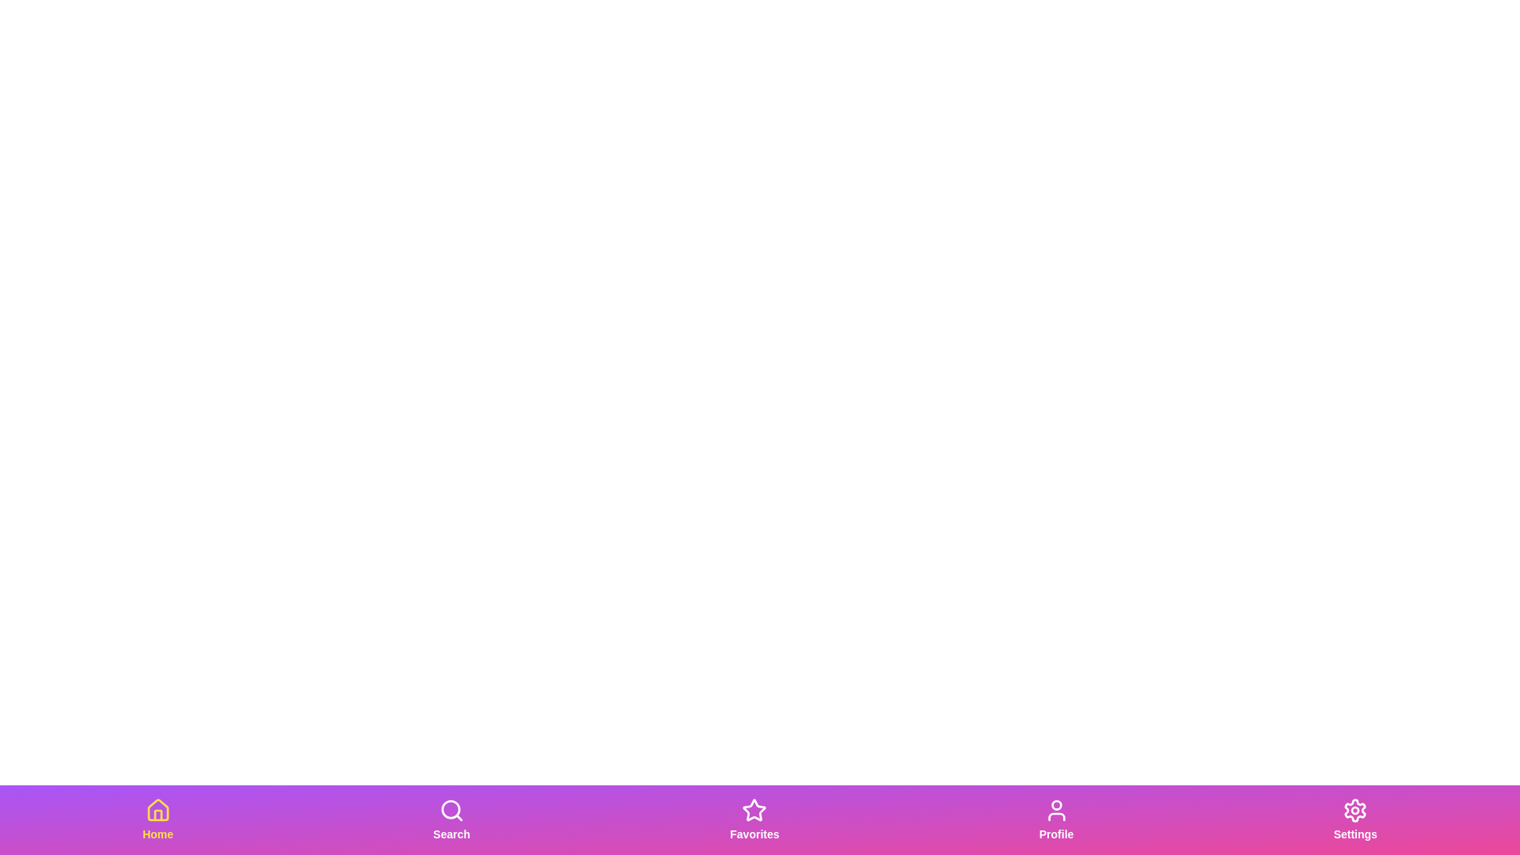 Image resolution: width=1520 pixels, height=855 pixels. I want to click on the Settings tab in the bottom navigation bar, so click(1355, 819).